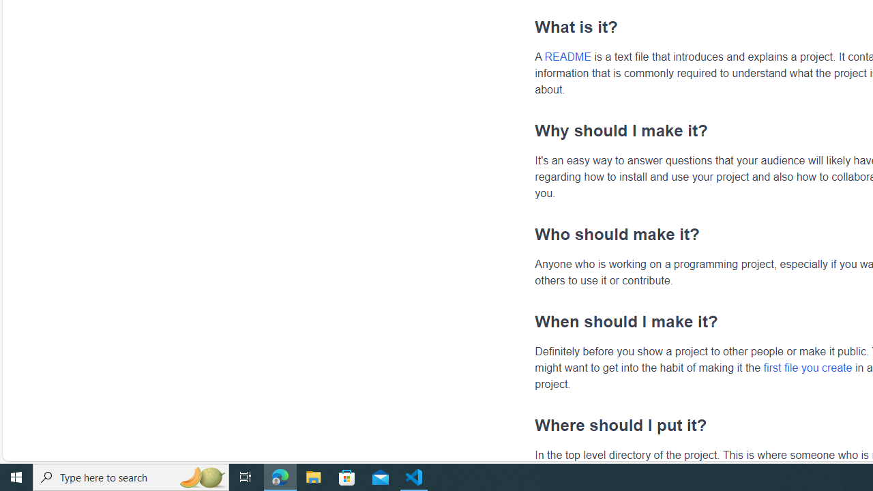 The height and width of the screenshot is (491, 873). What do you see at coordinates (567, 56) in the screenshot?
I see `'README'` at bounding box center [567, 56].